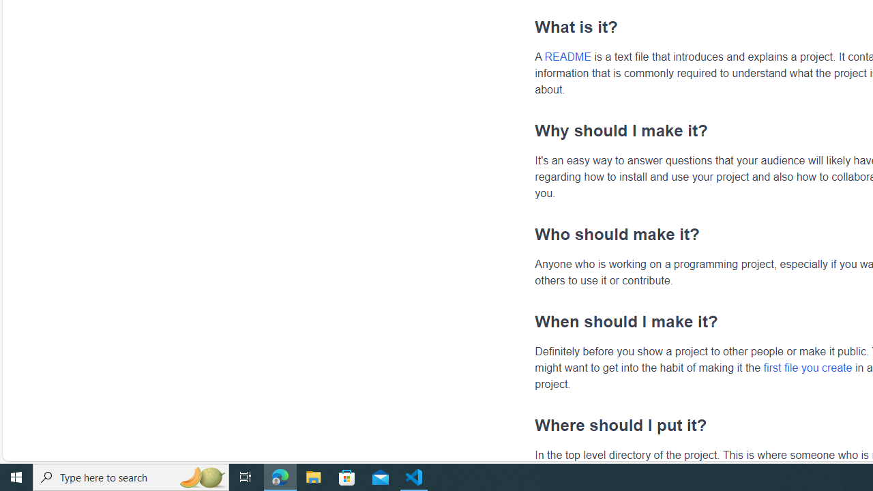 The height and width of the screenshot is (491, 873). What do you see at coordinates (567, 56) in the screenshot?
I see `'README'` at bounding box center [567, 56].